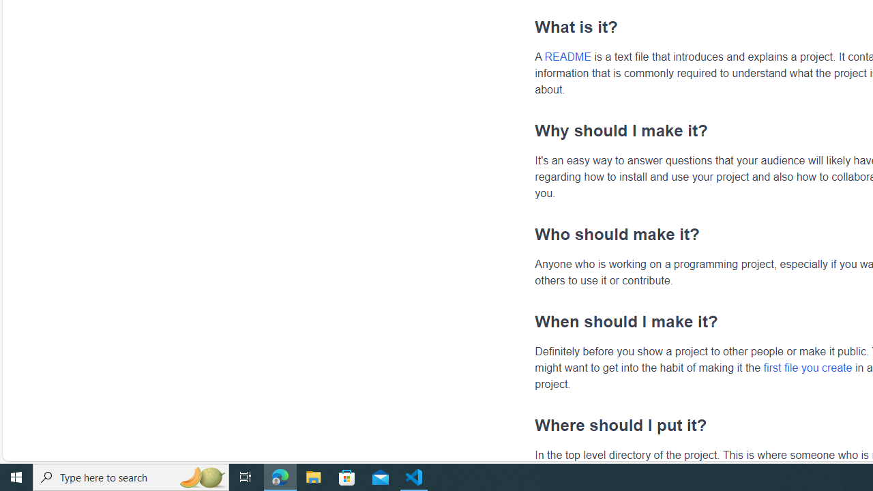 The height and width of the screenshot is (491, 873). What do you see at coordinates (567, 56) in the screenshot?
I see `'README'` at bounding box center [567, 56].